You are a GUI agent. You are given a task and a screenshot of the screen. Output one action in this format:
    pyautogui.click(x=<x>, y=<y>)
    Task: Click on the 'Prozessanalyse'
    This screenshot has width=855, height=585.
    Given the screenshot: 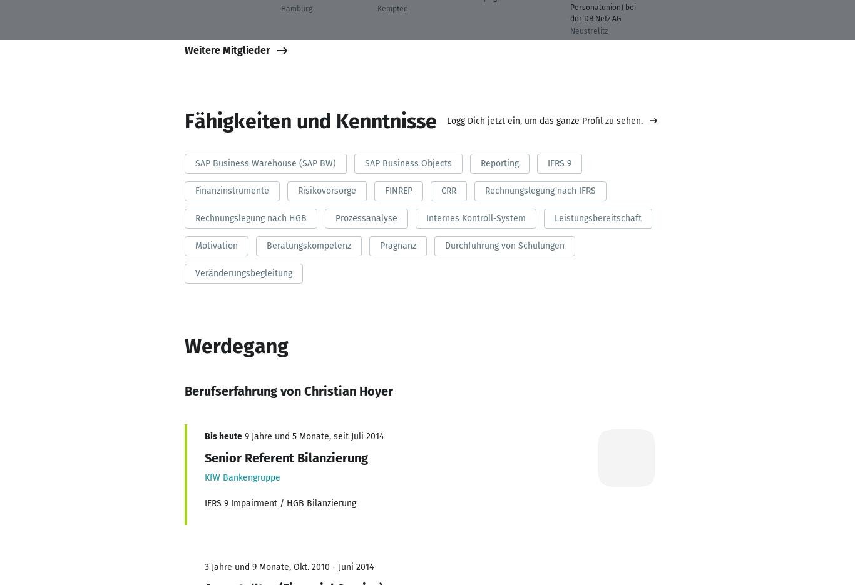 What is the action you would take?
    pyautogui.click(x=365, y=217)
    